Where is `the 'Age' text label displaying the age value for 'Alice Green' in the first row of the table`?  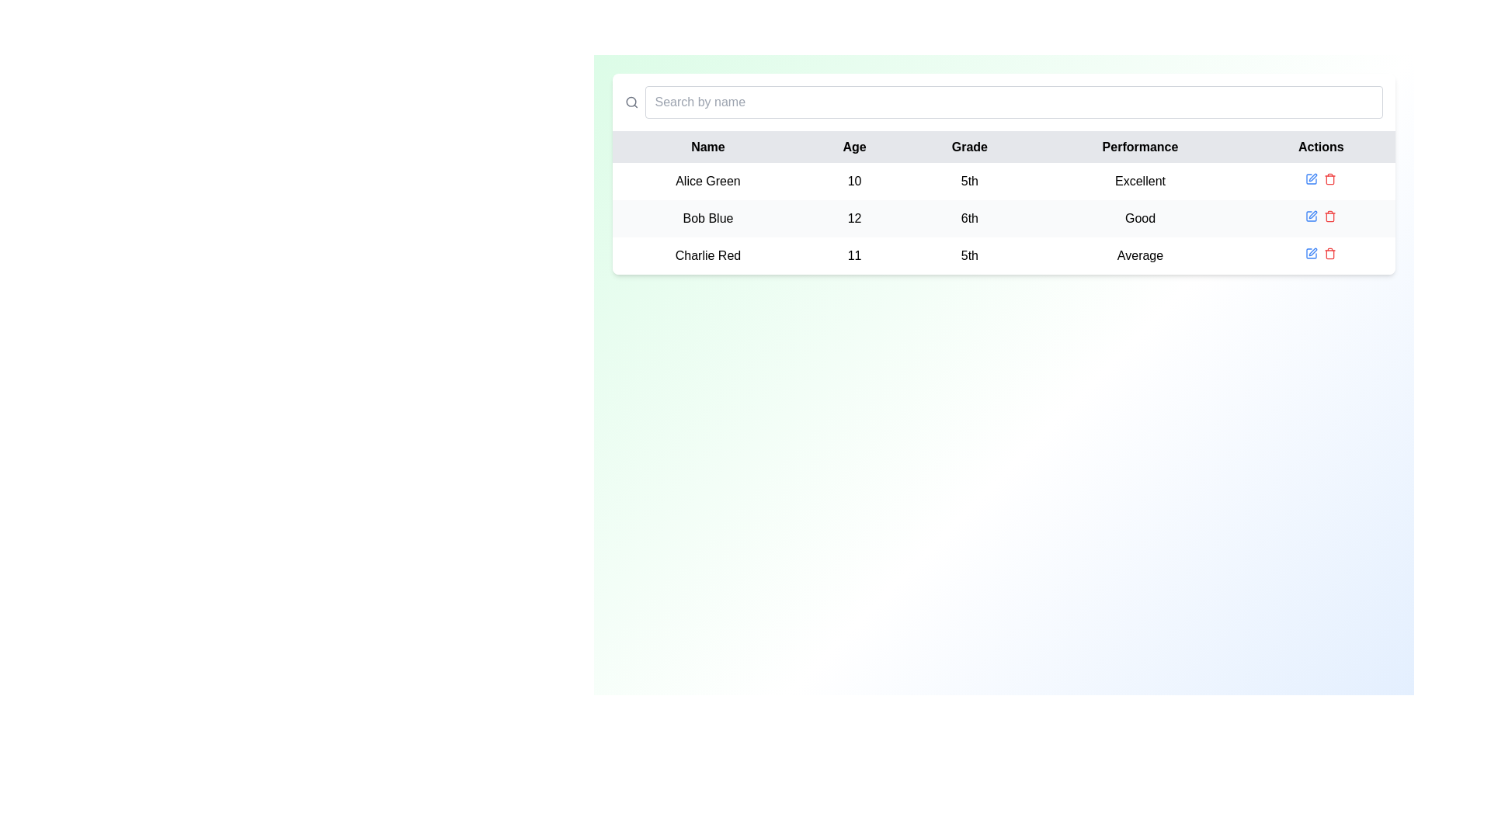
the 'Age' text label displaying the age value for 'Alice Green' in the first row of the table is located at coordinates (853, 181).